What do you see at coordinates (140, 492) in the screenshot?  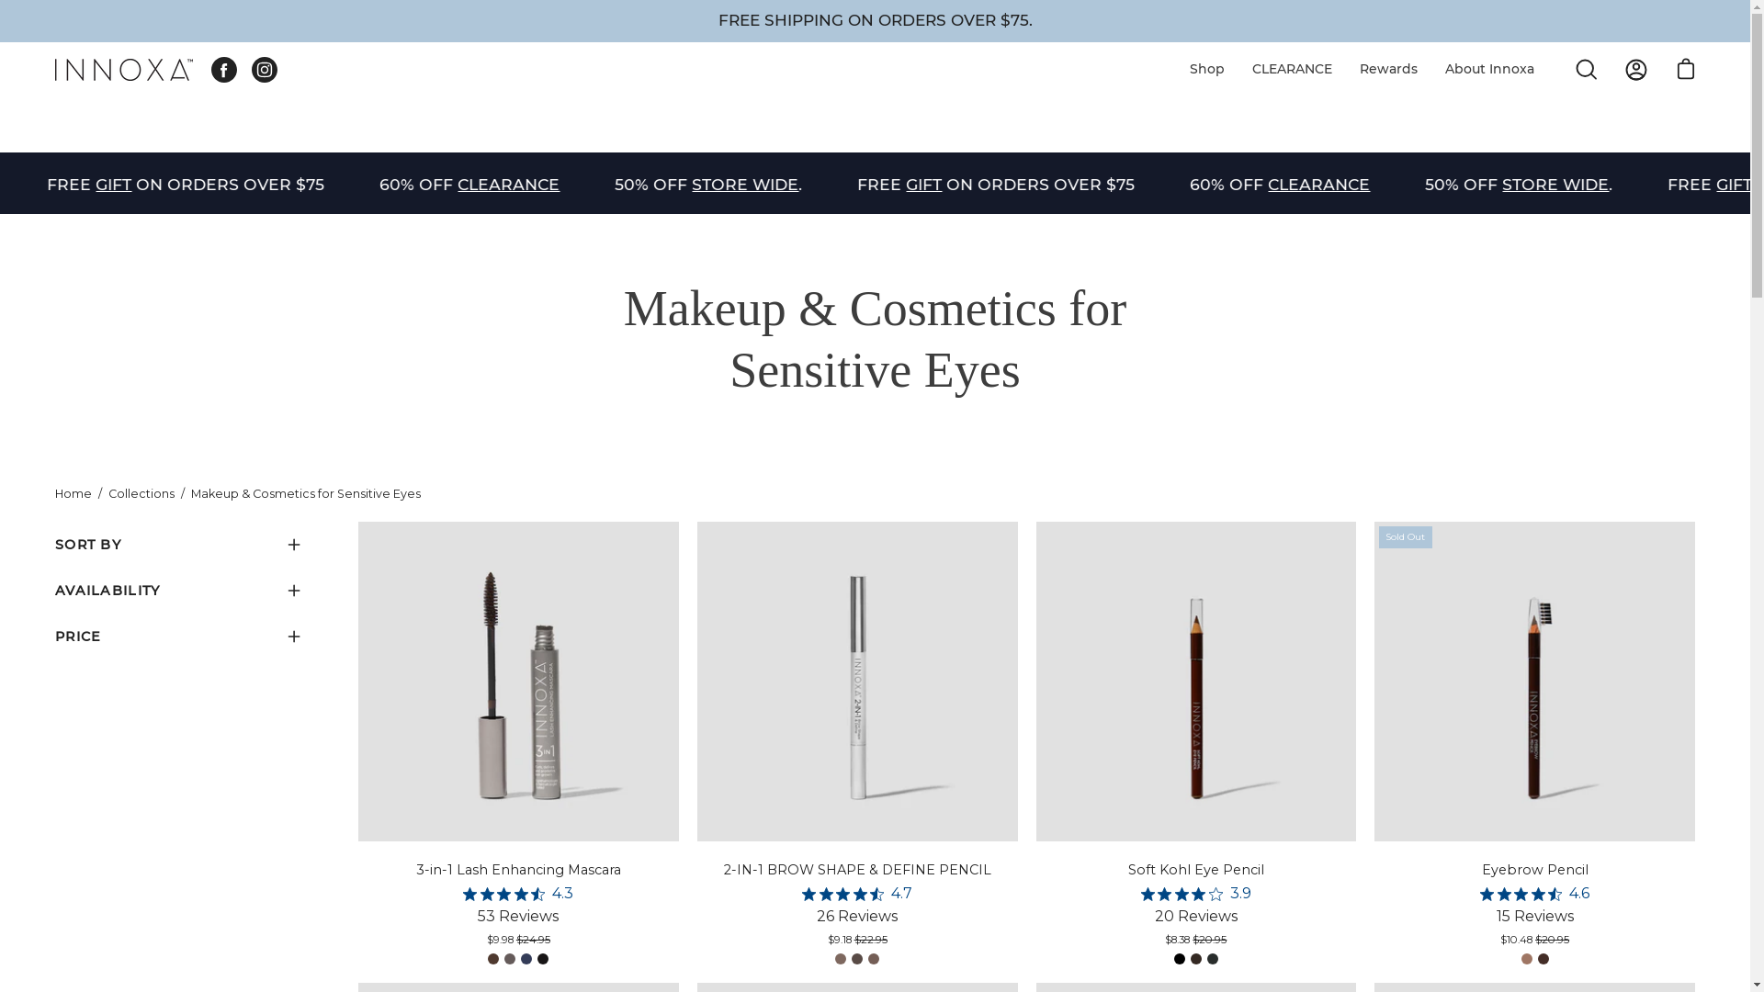 I see `'Collections'` at bounding box center [140, 492].